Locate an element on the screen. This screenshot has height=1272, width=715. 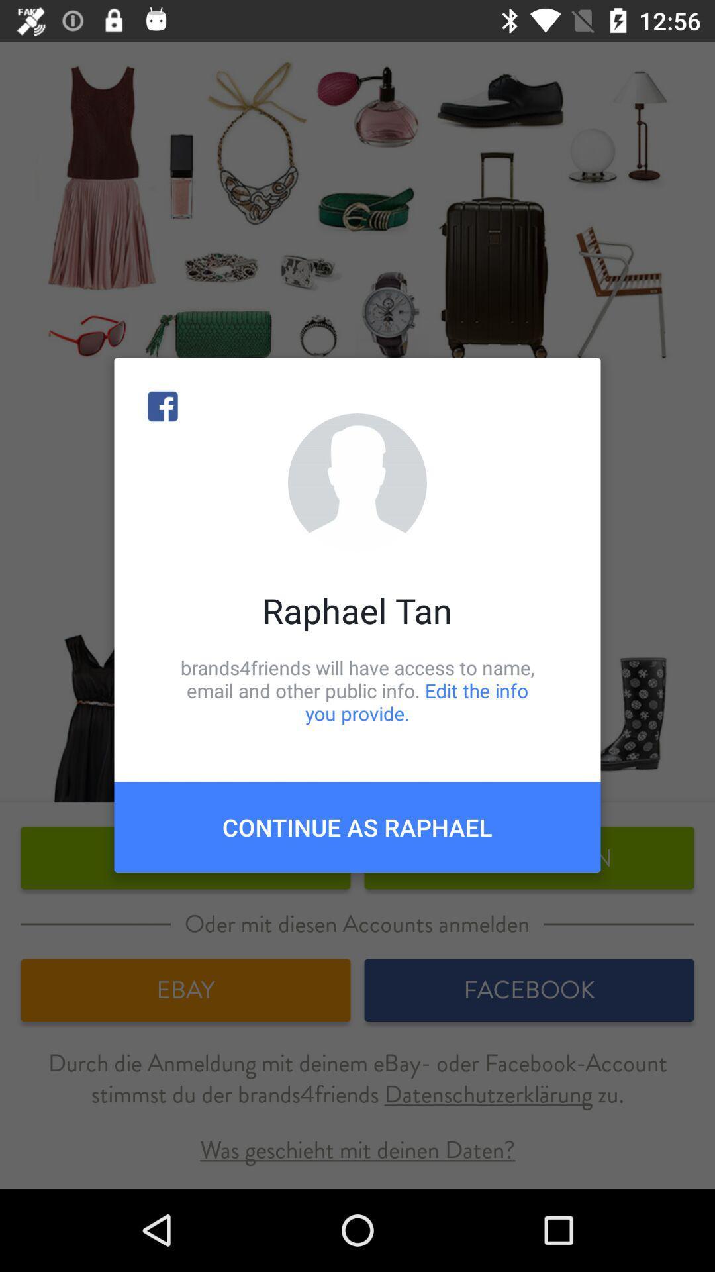
continue as raphael is located at coordinates (358, 826).